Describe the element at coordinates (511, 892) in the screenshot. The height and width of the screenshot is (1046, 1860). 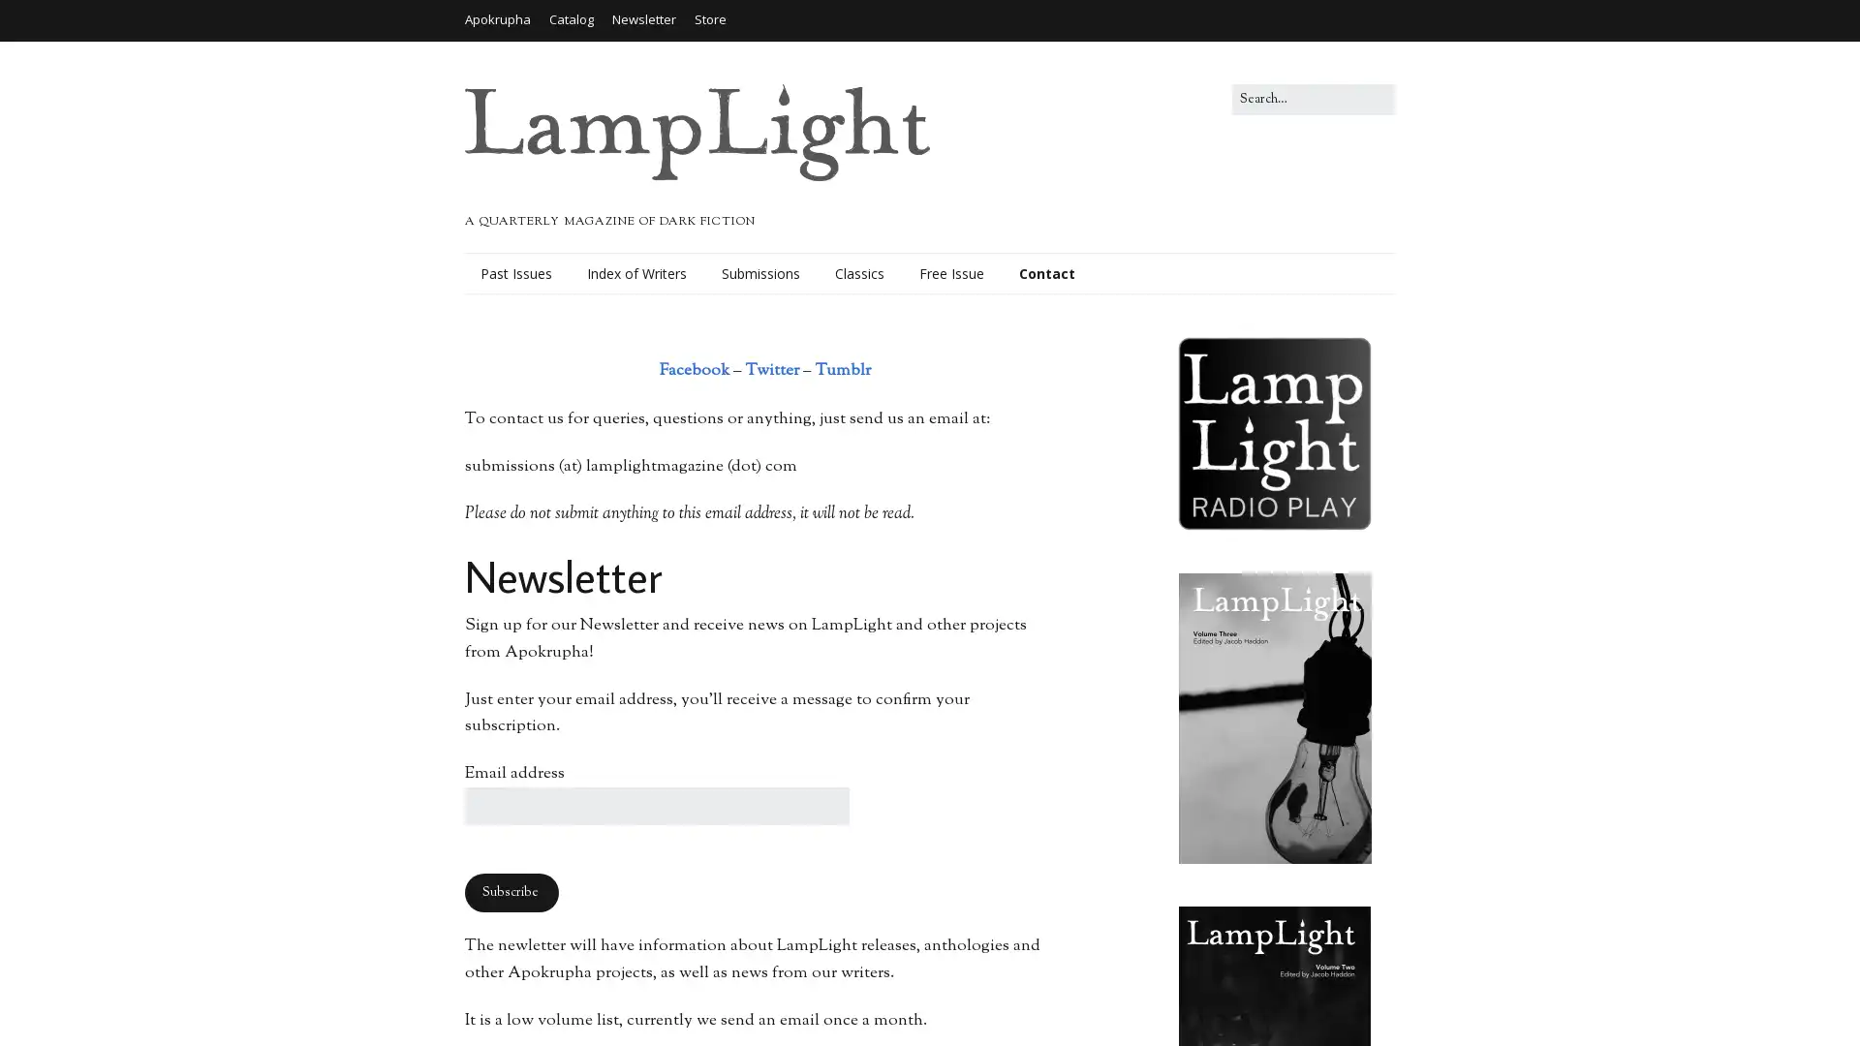
I see `Subscribe` at that location.